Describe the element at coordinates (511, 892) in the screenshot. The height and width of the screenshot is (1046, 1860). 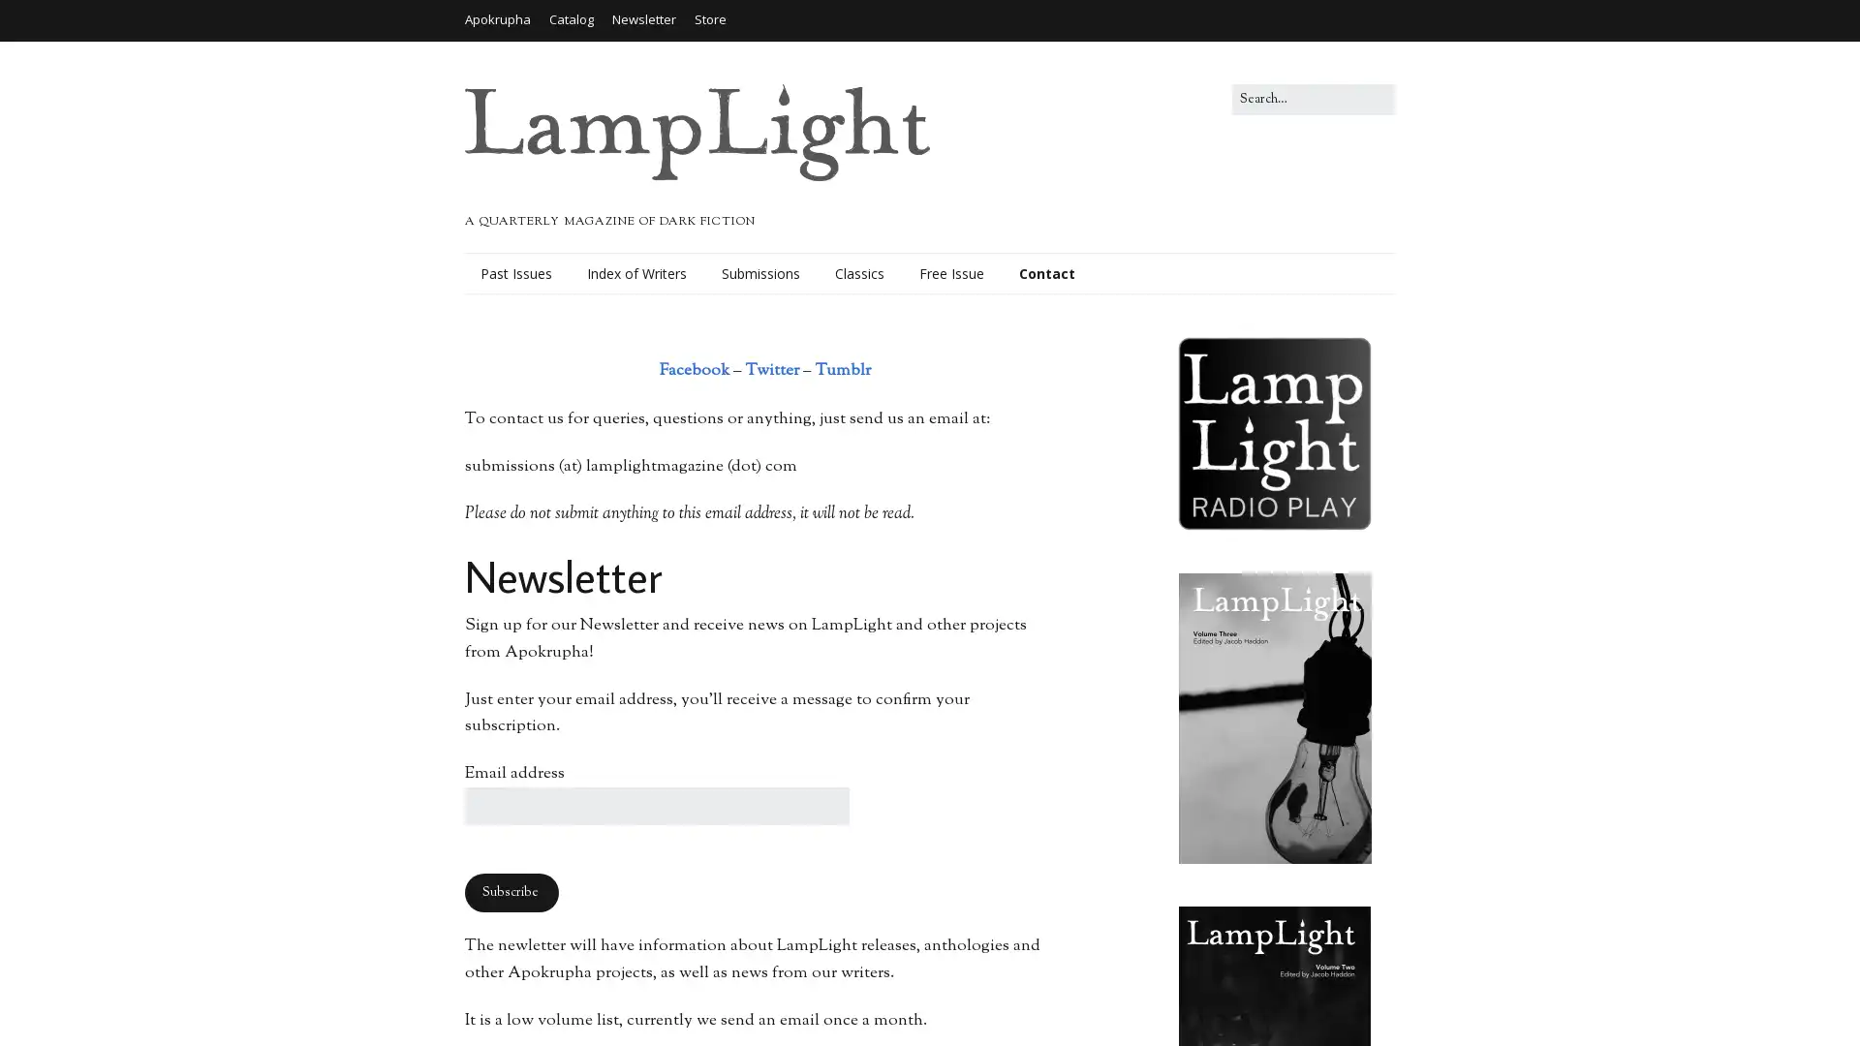
I see `Subscribe` at that location.